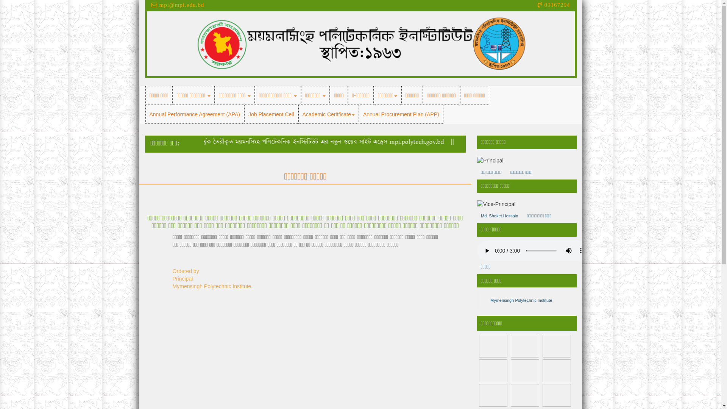  What do you see at coordinates (476, 204) in the screenshot?
I see `'Md. Shoket Hossain'` at bounding box center [476, 204].